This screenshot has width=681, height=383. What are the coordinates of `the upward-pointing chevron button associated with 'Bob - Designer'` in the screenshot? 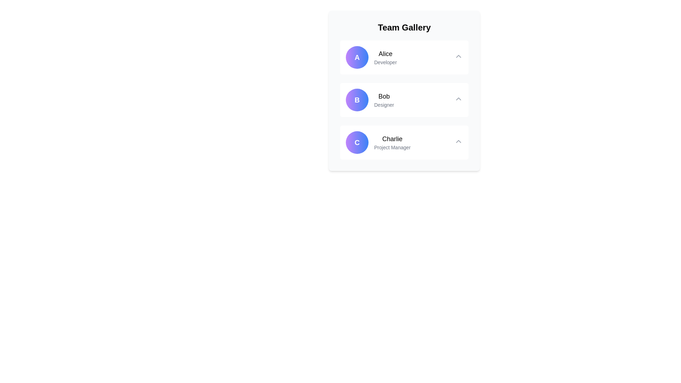 It's located at (458, 98).